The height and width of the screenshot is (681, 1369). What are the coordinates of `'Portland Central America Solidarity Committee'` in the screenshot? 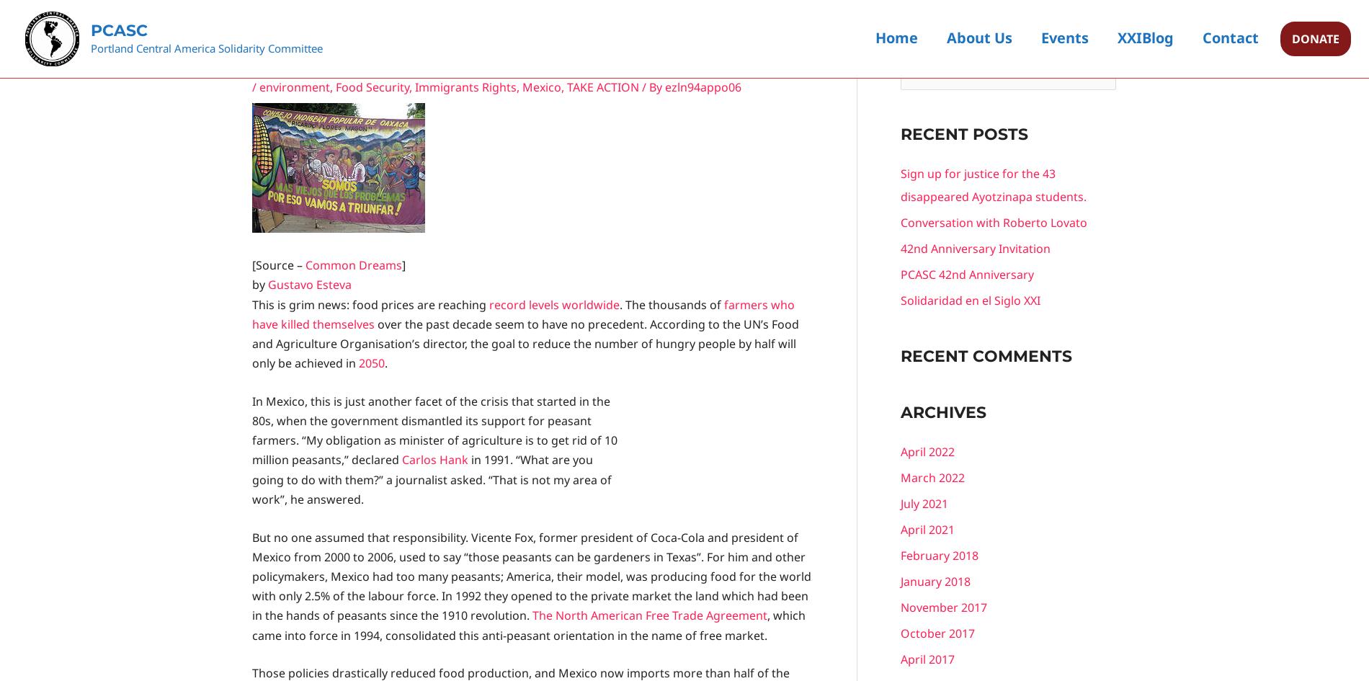 It's located at (206, 48).